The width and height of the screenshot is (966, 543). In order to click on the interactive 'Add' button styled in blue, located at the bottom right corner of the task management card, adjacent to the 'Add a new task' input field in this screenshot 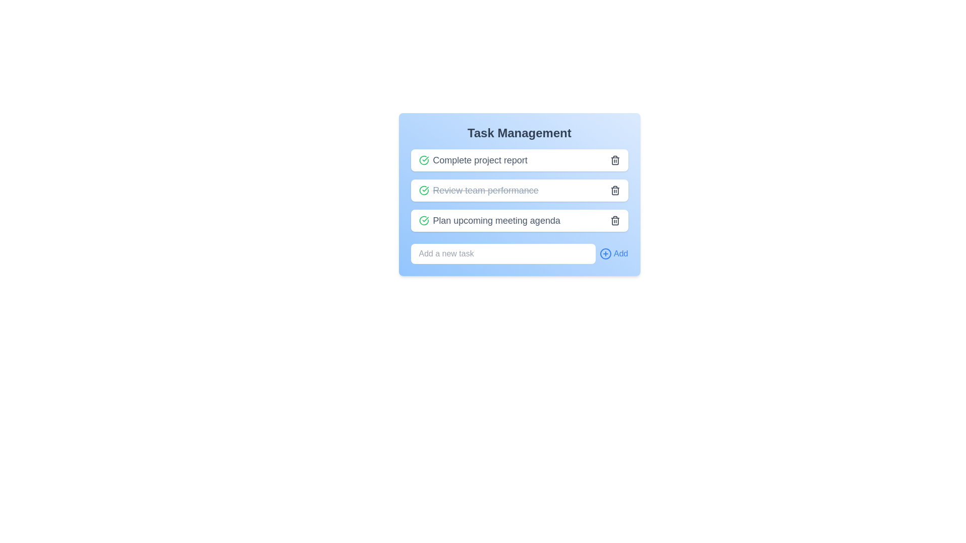, I will do `click(620, 253)`.